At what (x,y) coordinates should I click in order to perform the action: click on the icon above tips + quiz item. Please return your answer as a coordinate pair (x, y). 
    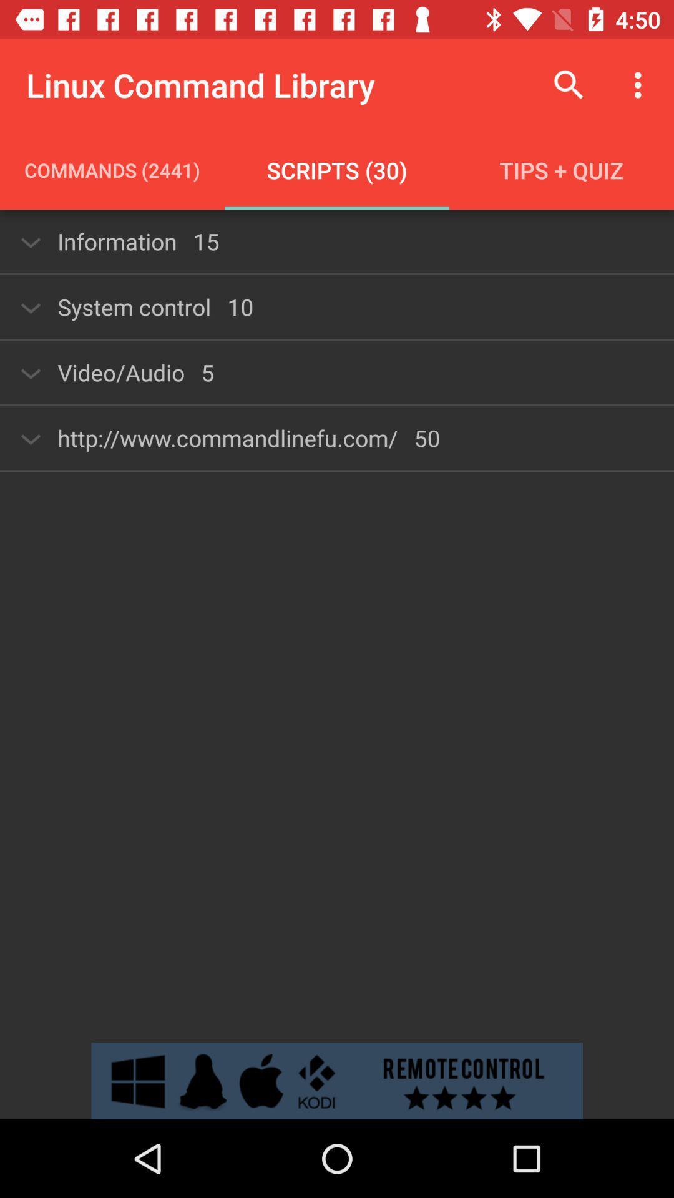
    Looking at the image, I should click on (641, 84).